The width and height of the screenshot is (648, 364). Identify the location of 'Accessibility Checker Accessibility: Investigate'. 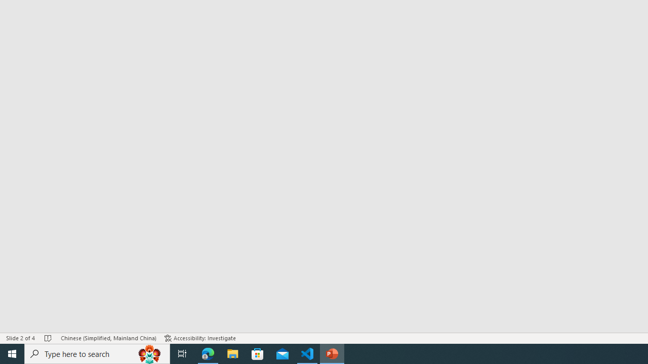
(200, 338).